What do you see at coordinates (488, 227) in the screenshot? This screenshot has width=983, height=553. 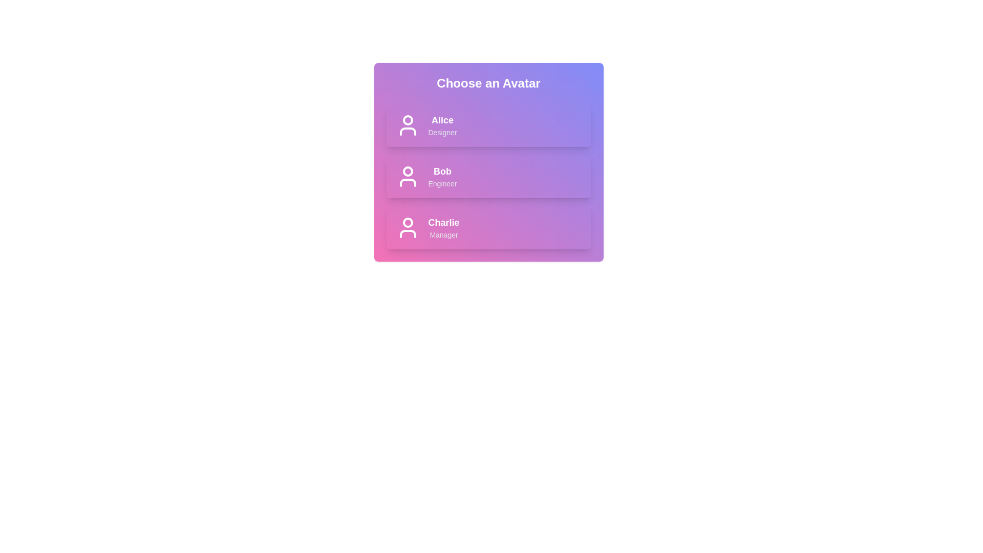 I see `to select the profile of 'Charlie', the Manager, from the third item in the vertical selectable list` at bounding box center [488, 227].